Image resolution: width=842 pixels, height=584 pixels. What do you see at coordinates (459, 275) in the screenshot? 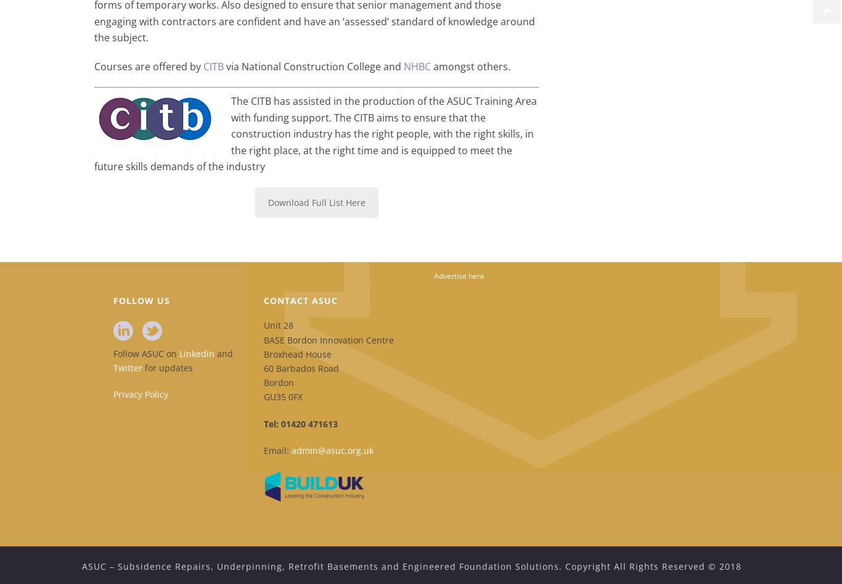
I see `'Advertise here'` at bounding box center [459, 275].